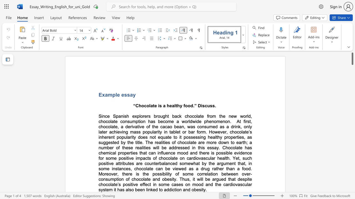 The width and height of the screenshot is (355, 199). I want to click on the scrollbar on the side, so click(352, 130).